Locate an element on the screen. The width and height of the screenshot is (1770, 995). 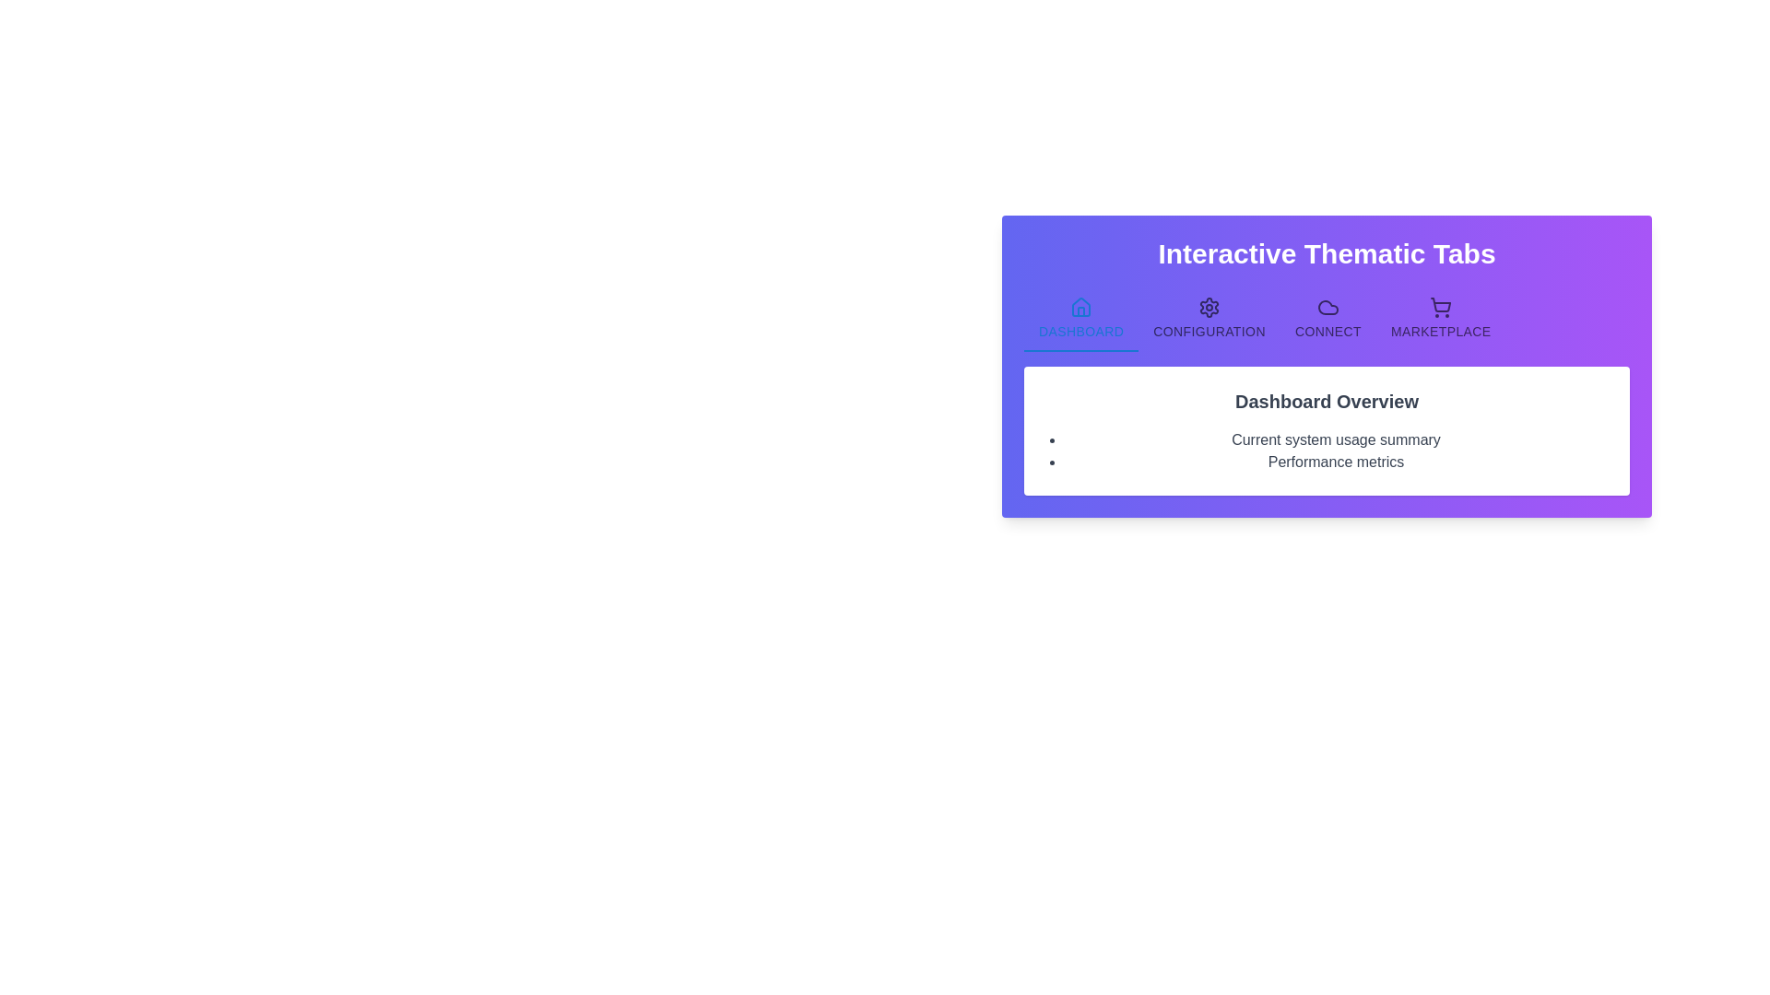
text displayed in the 'Dashboard Overview' section which includes 'Current system usage summary' and 'Performance metrics.' is located at coordinates (1326, 430).